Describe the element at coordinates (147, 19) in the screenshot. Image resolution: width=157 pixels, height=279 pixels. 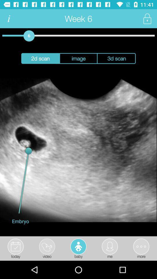
I see `icon to the right of week 6` at that location.